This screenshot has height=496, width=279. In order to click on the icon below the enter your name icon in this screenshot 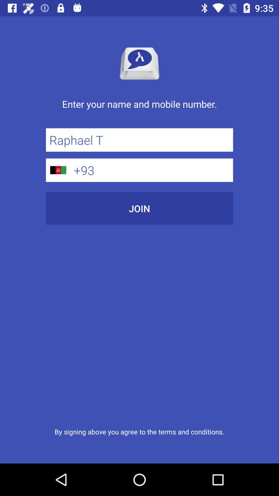, I will do `click(139, 140)`.